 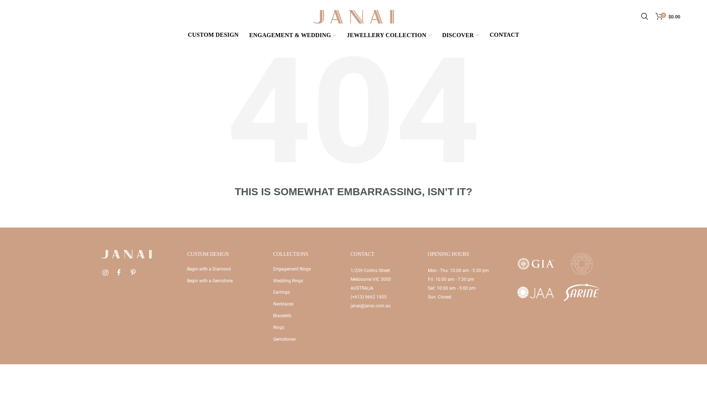 I want to click on 'Begin with a Gemstone', so click(x=187, y=280).